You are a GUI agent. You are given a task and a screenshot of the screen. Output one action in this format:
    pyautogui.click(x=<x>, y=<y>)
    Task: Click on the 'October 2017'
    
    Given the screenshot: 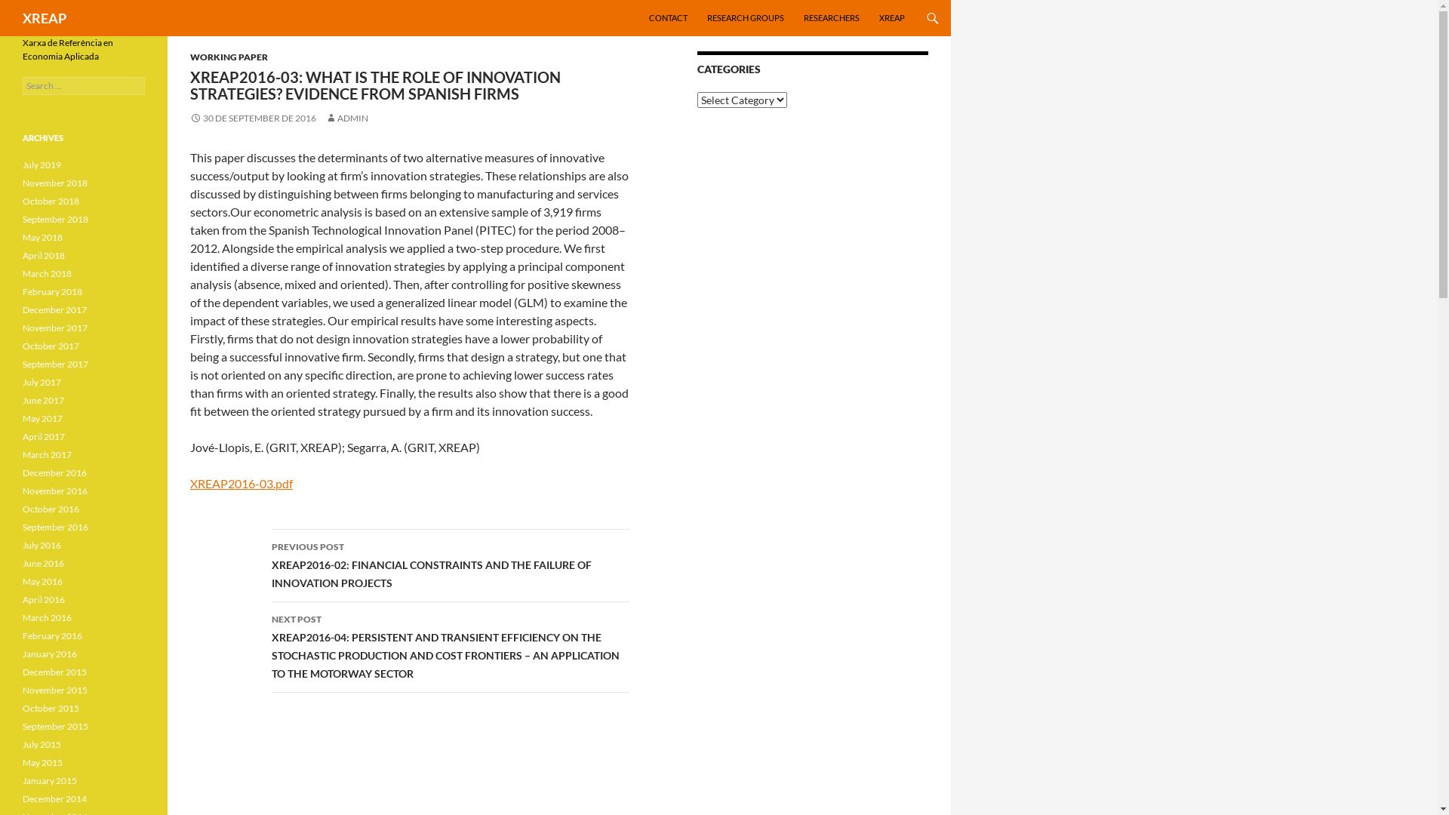 What is the action you would take?
    pyautogui.click(x=51, y=346)
    